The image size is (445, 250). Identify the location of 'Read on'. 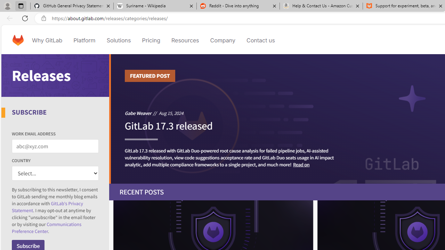
(301, 164).